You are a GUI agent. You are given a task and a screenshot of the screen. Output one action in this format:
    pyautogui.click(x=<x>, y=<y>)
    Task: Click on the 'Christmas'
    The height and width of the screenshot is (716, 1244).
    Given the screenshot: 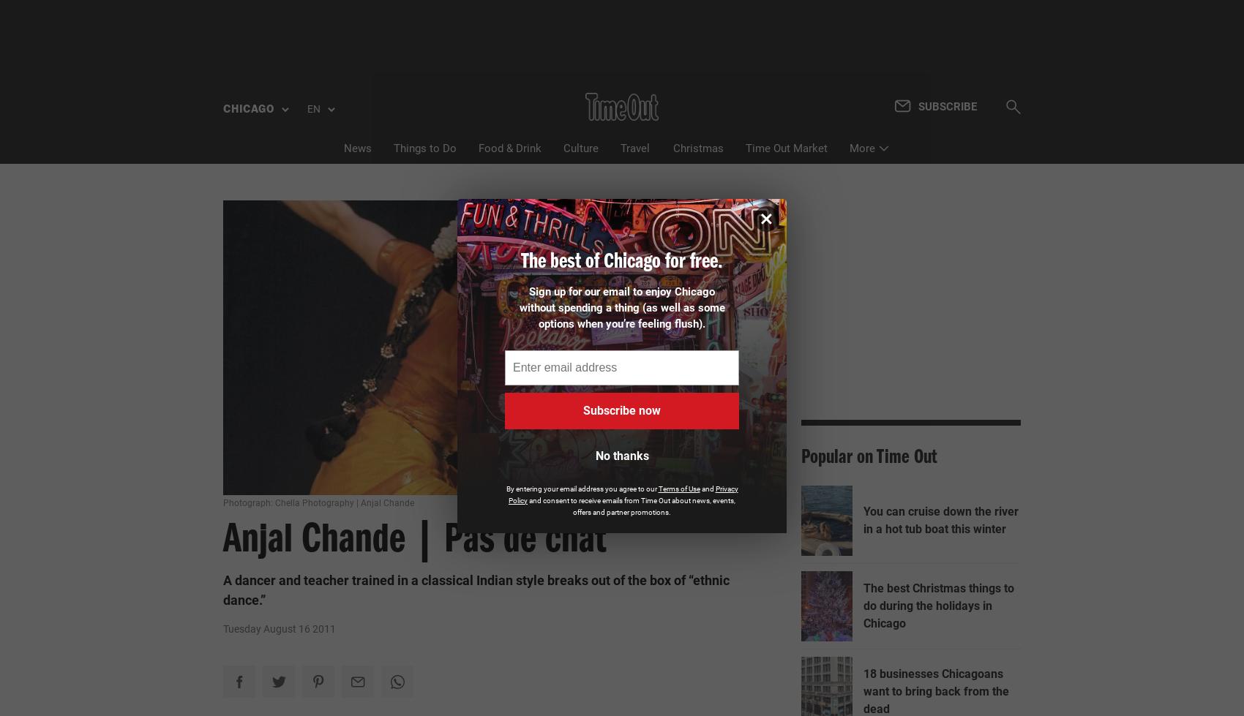 What is the action you would take?
    pyautogui.click(x=698, y=81)
    